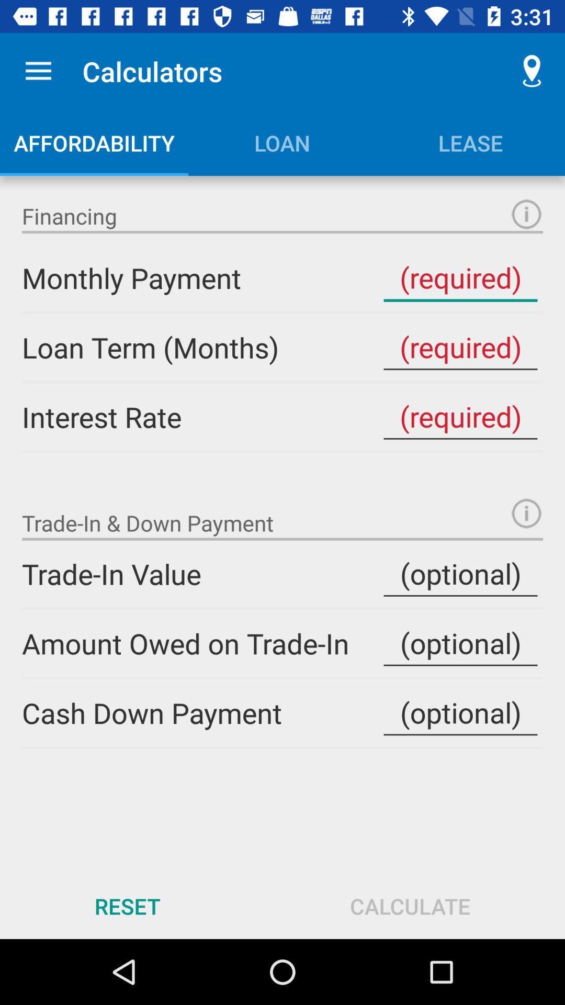 Image resolution: width=565 pixels, height=1005 pixels. I want to click on input trade in value, so click(460, 573).